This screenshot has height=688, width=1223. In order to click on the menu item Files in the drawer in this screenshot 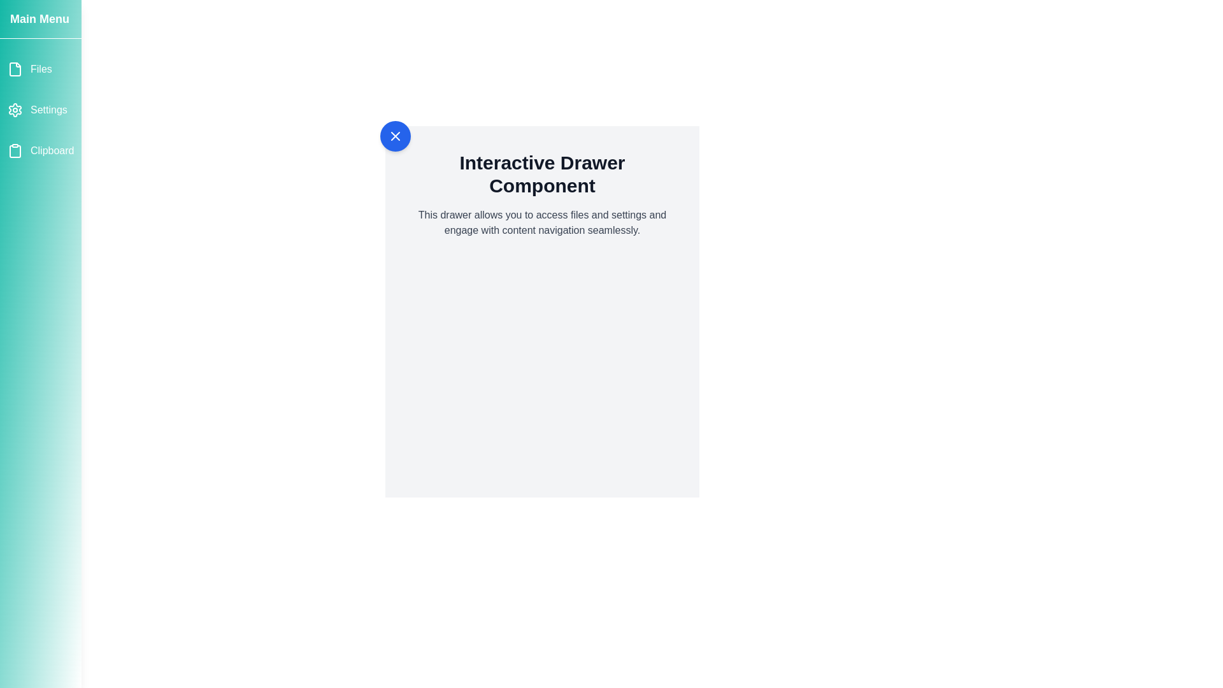, I will do `click(40, 69)`.